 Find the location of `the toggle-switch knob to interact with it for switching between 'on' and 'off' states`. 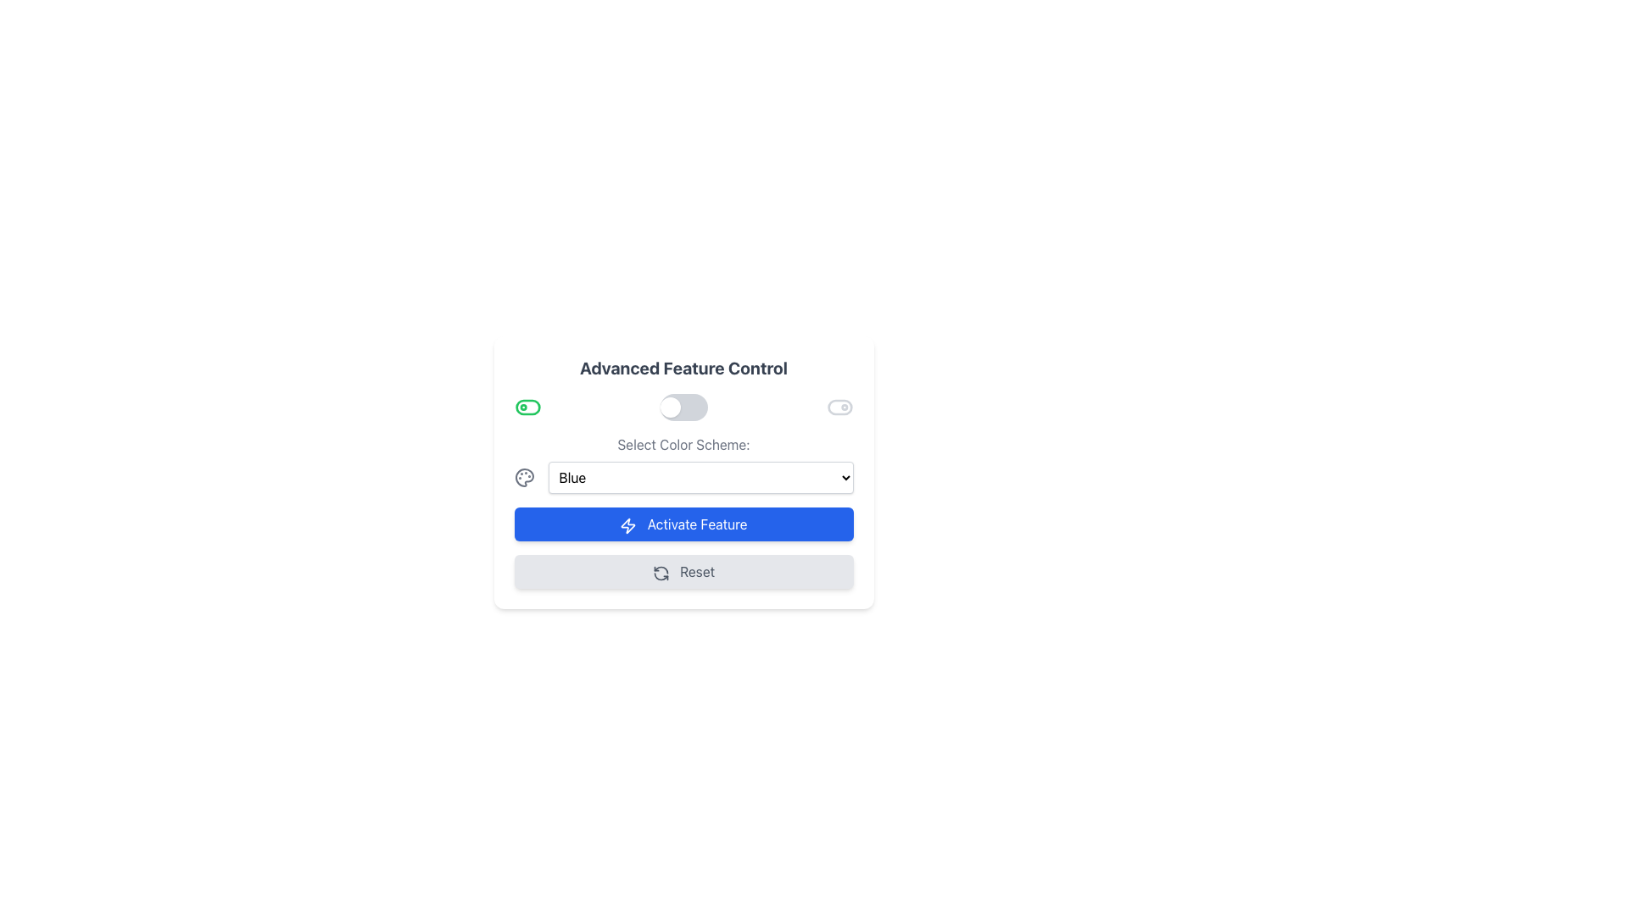

the toggle-switch knob to interact with it for switching between 'on' and 'off' states is located at coordinates (669, 408).